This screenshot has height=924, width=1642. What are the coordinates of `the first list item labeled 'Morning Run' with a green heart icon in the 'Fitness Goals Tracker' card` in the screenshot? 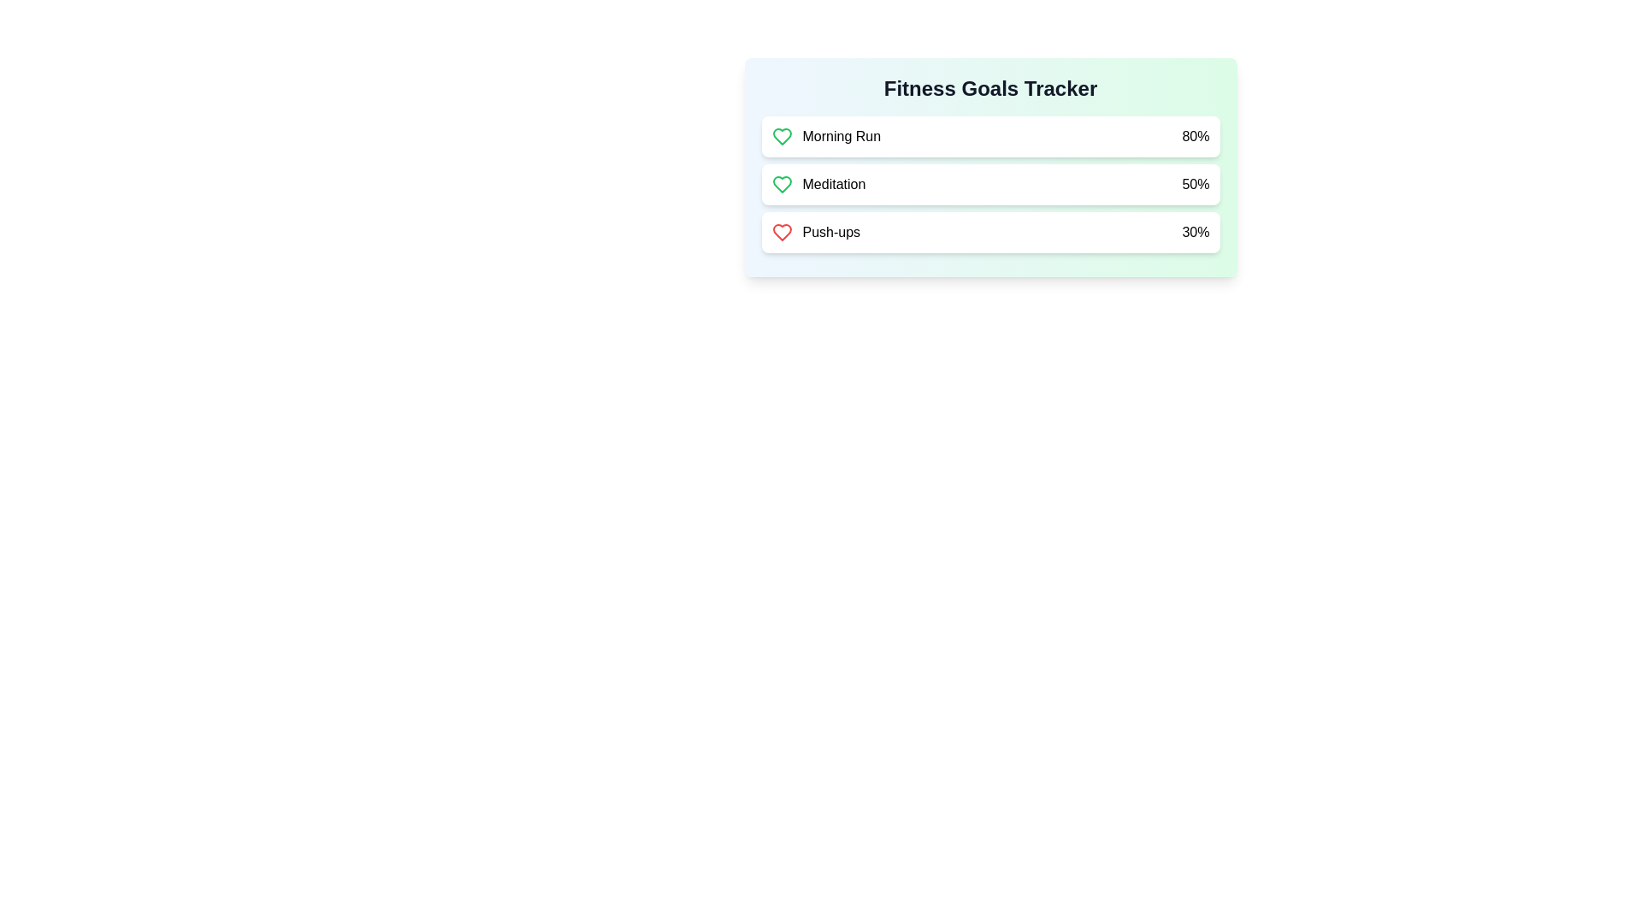 It's located at (826, 135).